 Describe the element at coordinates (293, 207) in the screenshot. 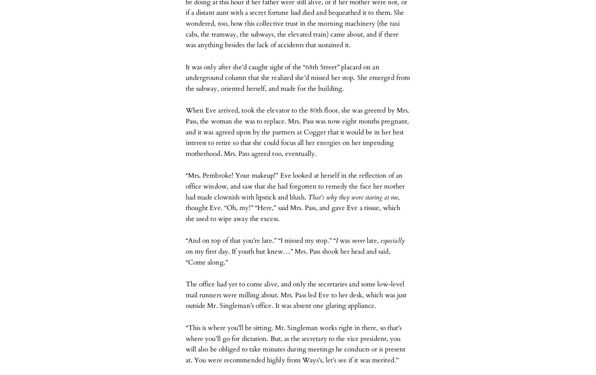

I see `', thought Eve. “Oh, my!” “Here,” said Mrs. Pass, and gave Eve a tissue, which she used to wipe away the excess.'` at that location.